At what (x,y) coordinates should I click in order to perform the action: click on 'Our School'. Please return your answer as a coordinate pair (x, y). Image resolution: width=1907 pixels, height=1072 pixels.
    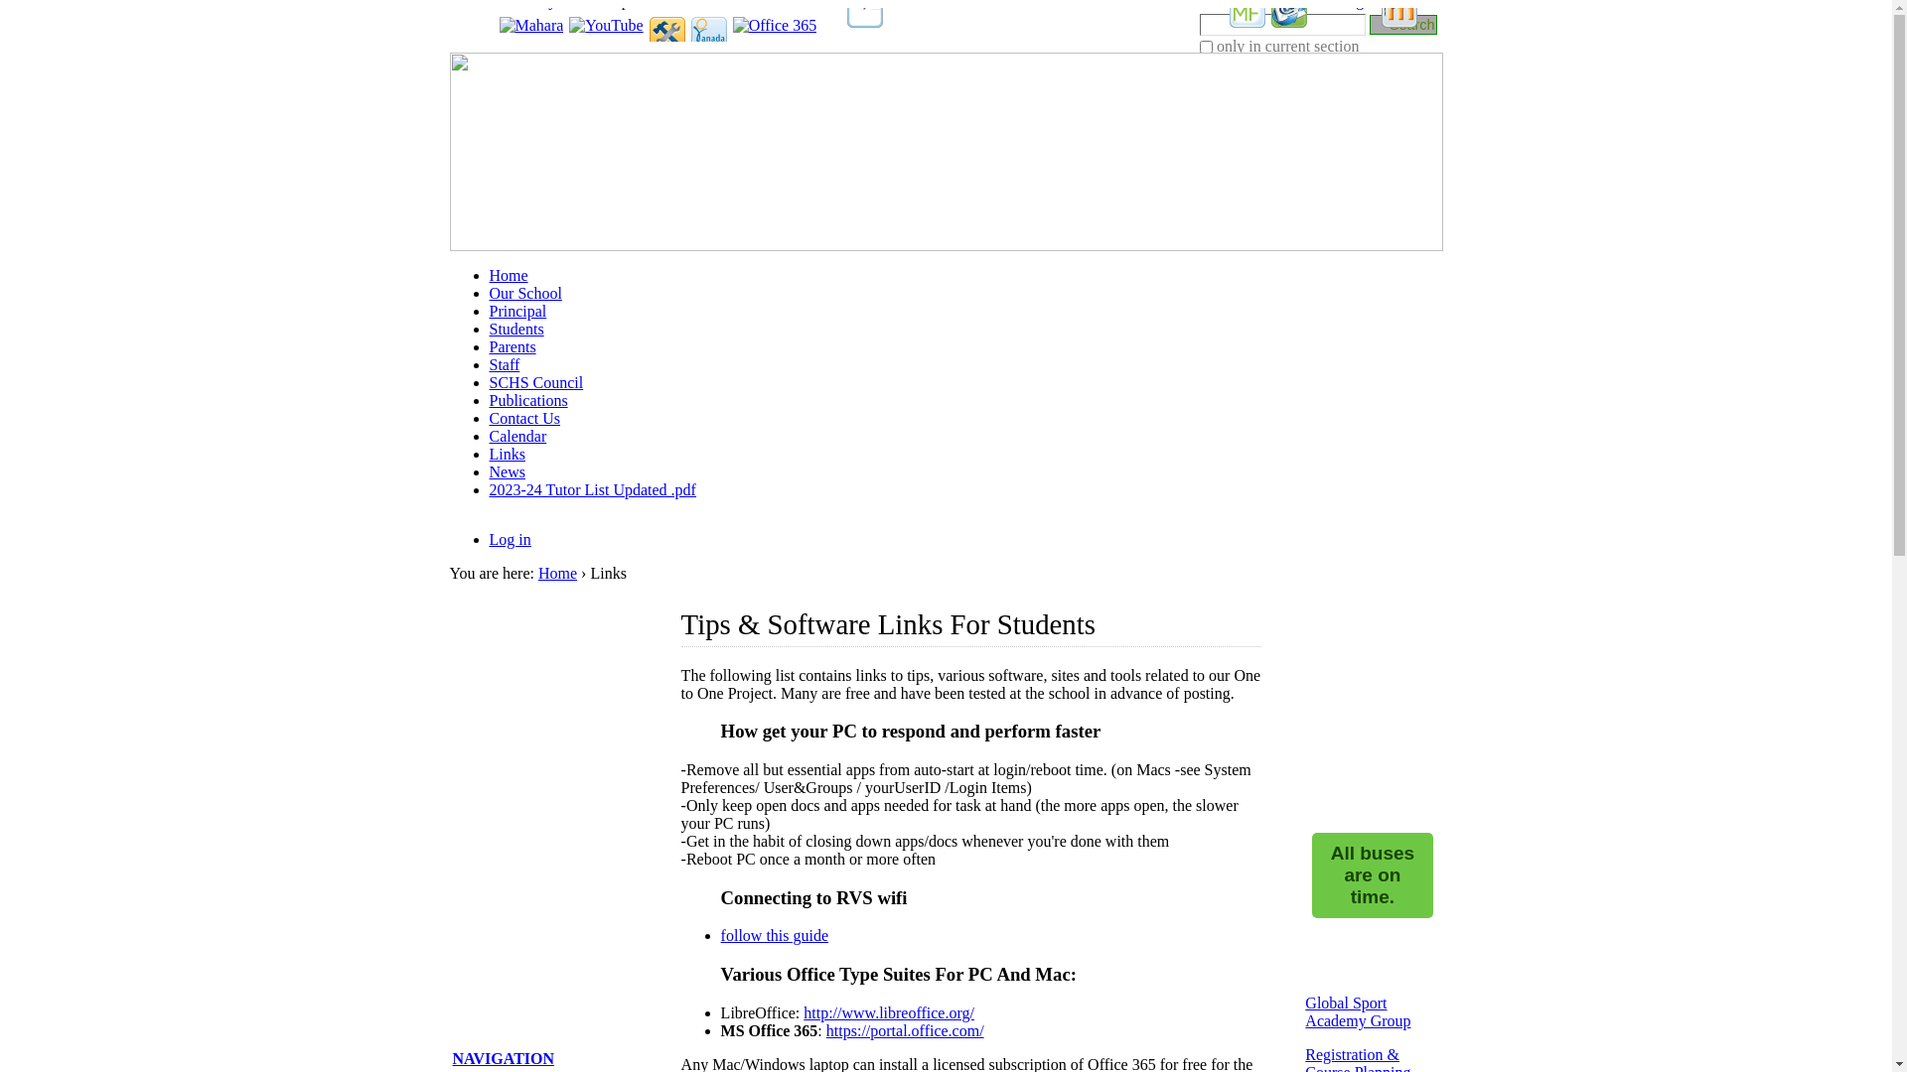
    Looking at the image, I should click on (524, 293).